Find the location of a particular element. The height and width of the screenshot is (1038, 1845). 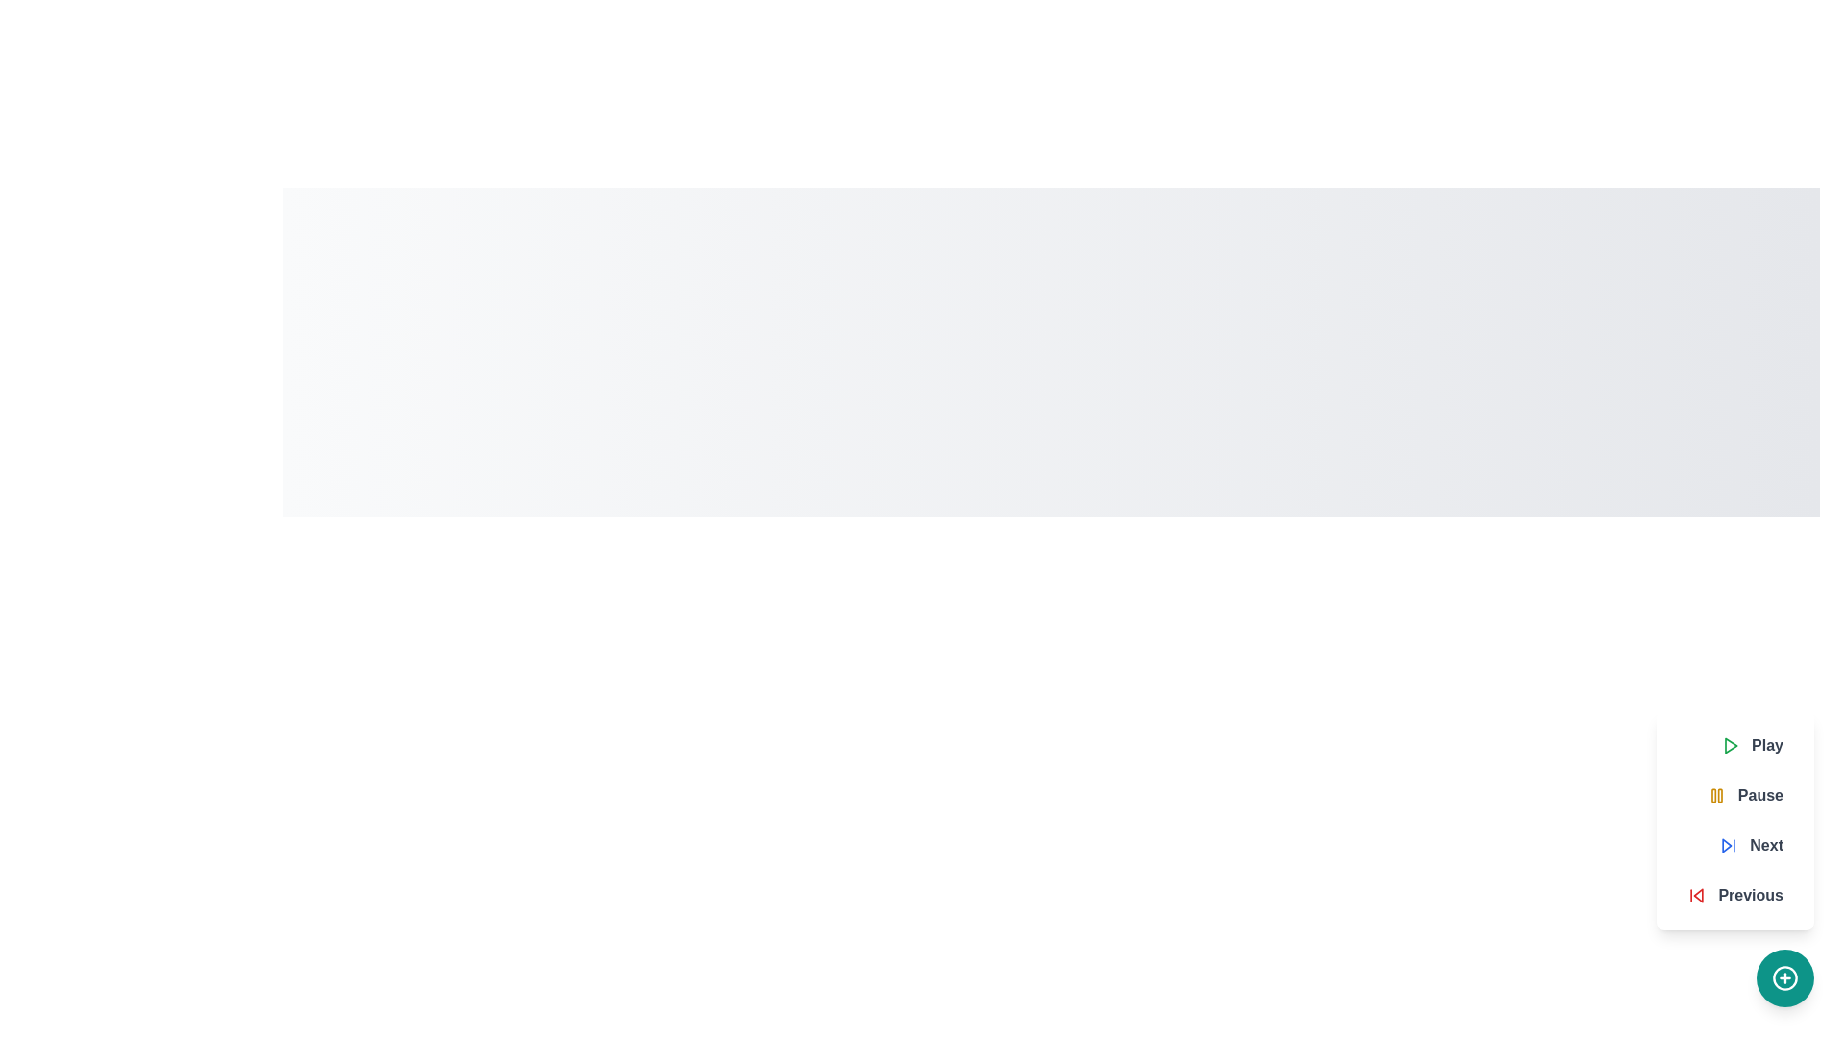

the 'Pause' button in the menu is located at coordinates (1744, 796).